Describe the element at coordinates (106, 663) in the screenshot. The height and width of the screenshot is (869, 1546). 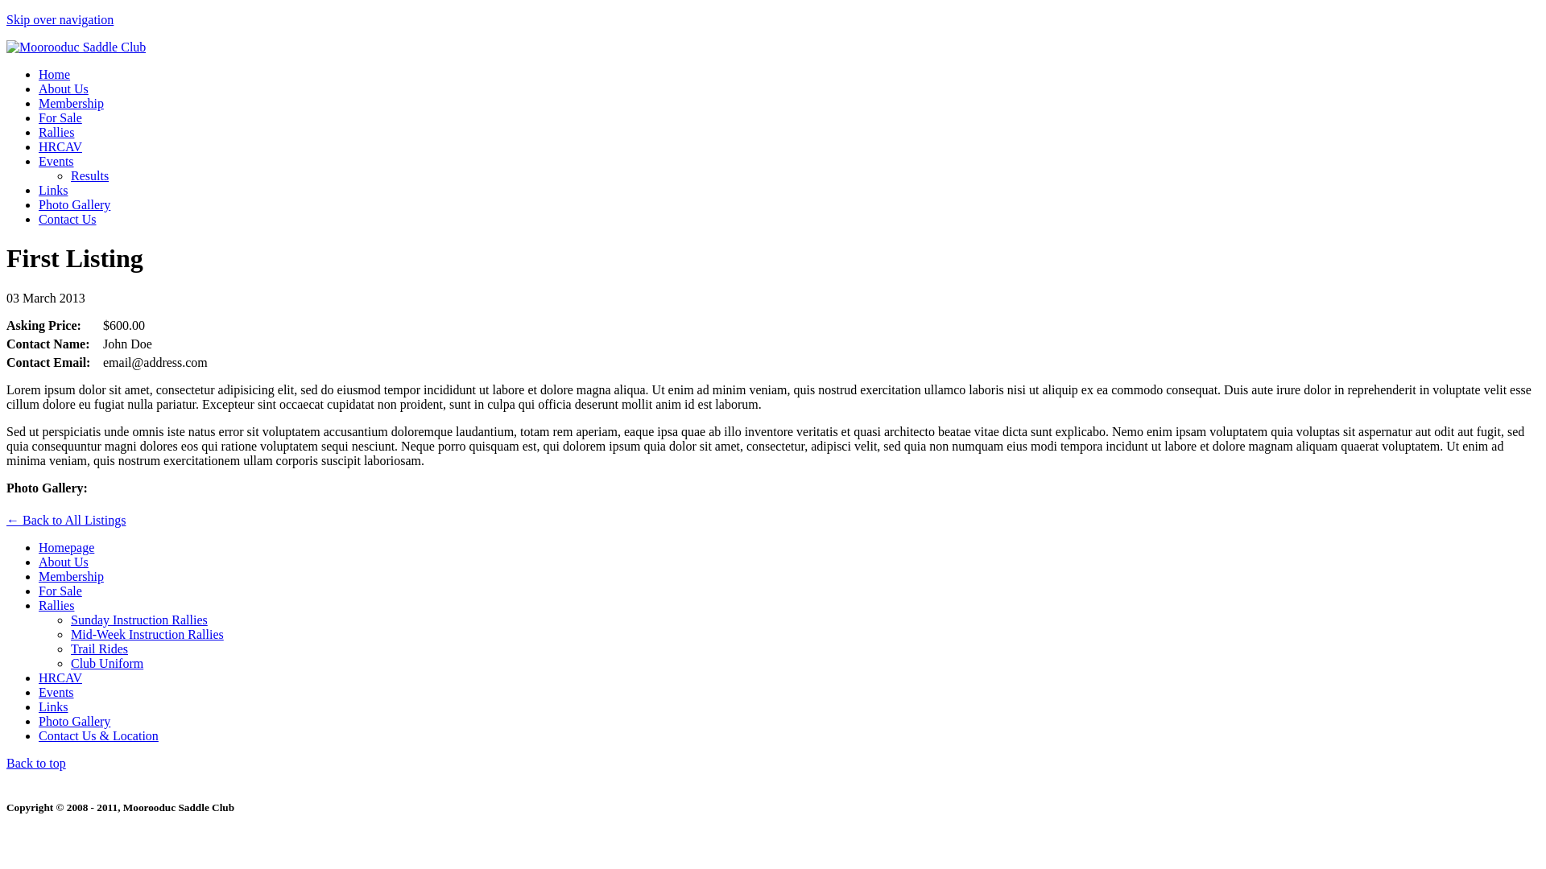
I see `'Club Uniform'` at that location.